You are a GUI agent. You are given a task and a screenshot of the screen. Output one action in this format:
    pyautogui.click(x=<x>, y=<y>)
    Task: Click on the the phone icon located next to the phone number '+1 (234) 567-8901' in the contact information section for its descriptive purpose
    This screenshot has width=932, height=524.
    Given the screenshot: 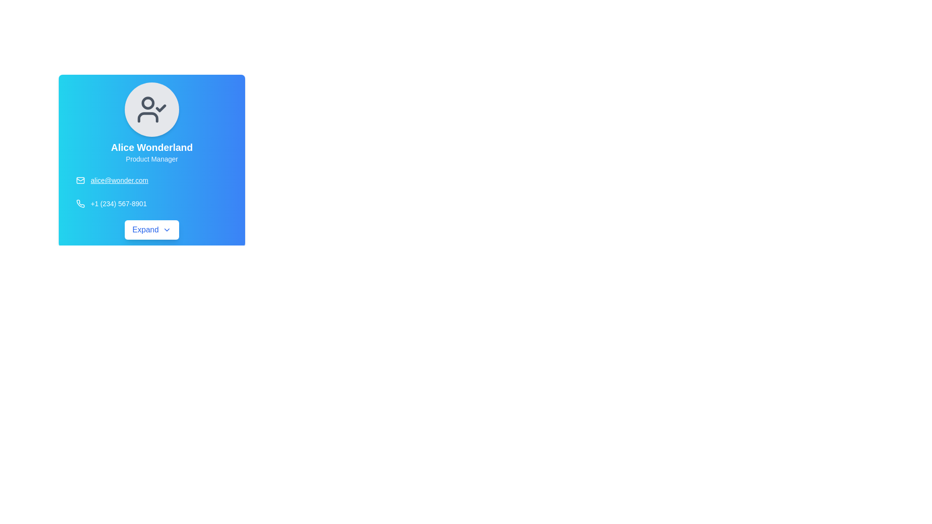 What is the action you would take?
    pyautogui.click(x=81, y=203)
    